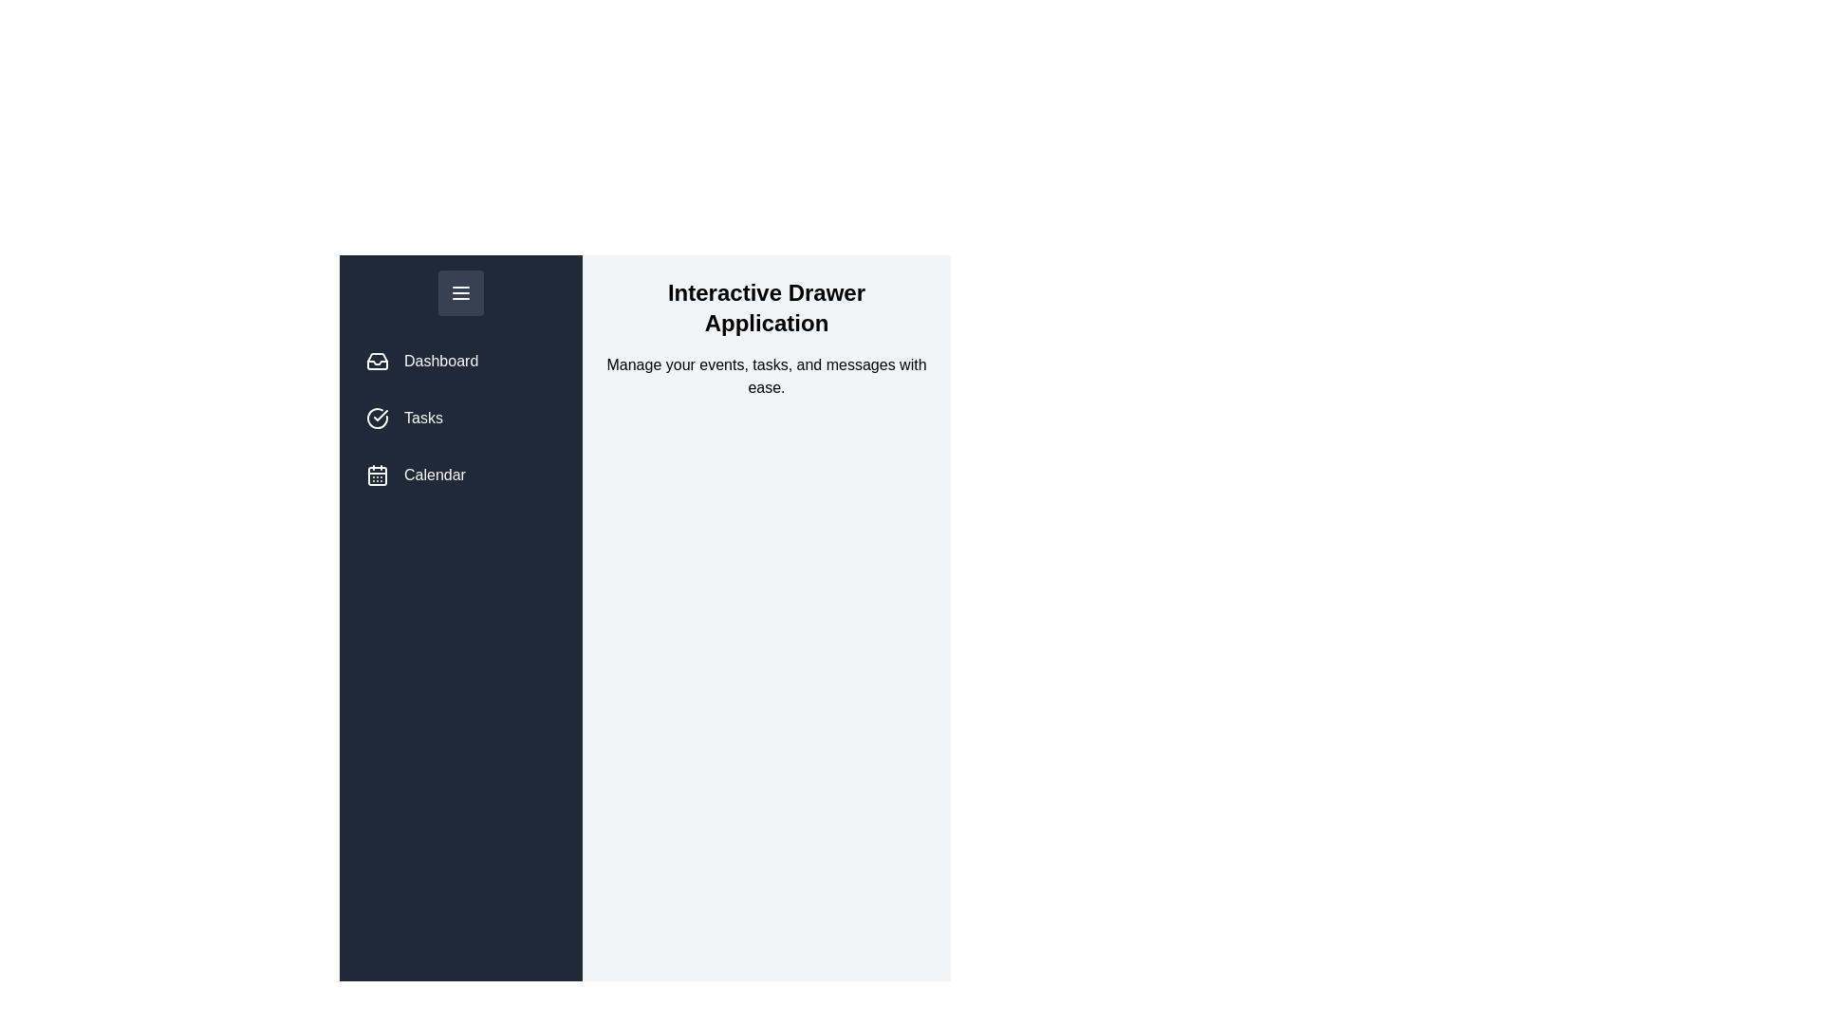  What do you see at coordinates (460, 292) in the screenshot?
I see `the icon button located in the top-left corner of the sidebar` at bounding box center [460, 292].